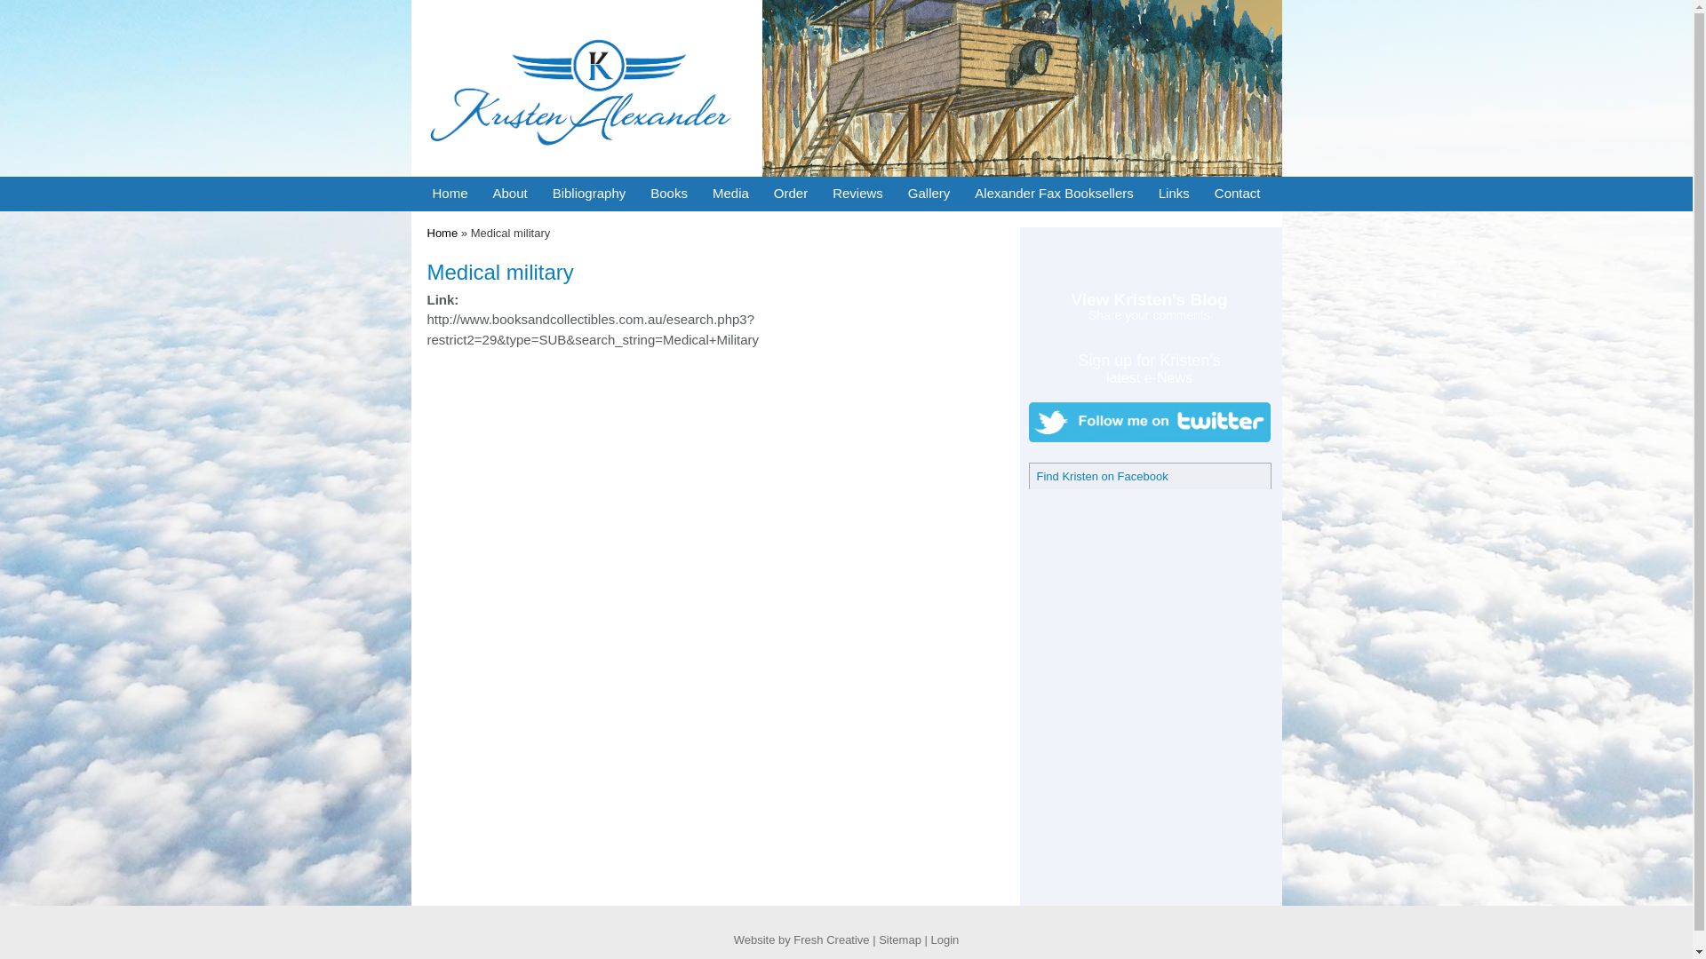  I want to click on 'Order', so click(789, 194).